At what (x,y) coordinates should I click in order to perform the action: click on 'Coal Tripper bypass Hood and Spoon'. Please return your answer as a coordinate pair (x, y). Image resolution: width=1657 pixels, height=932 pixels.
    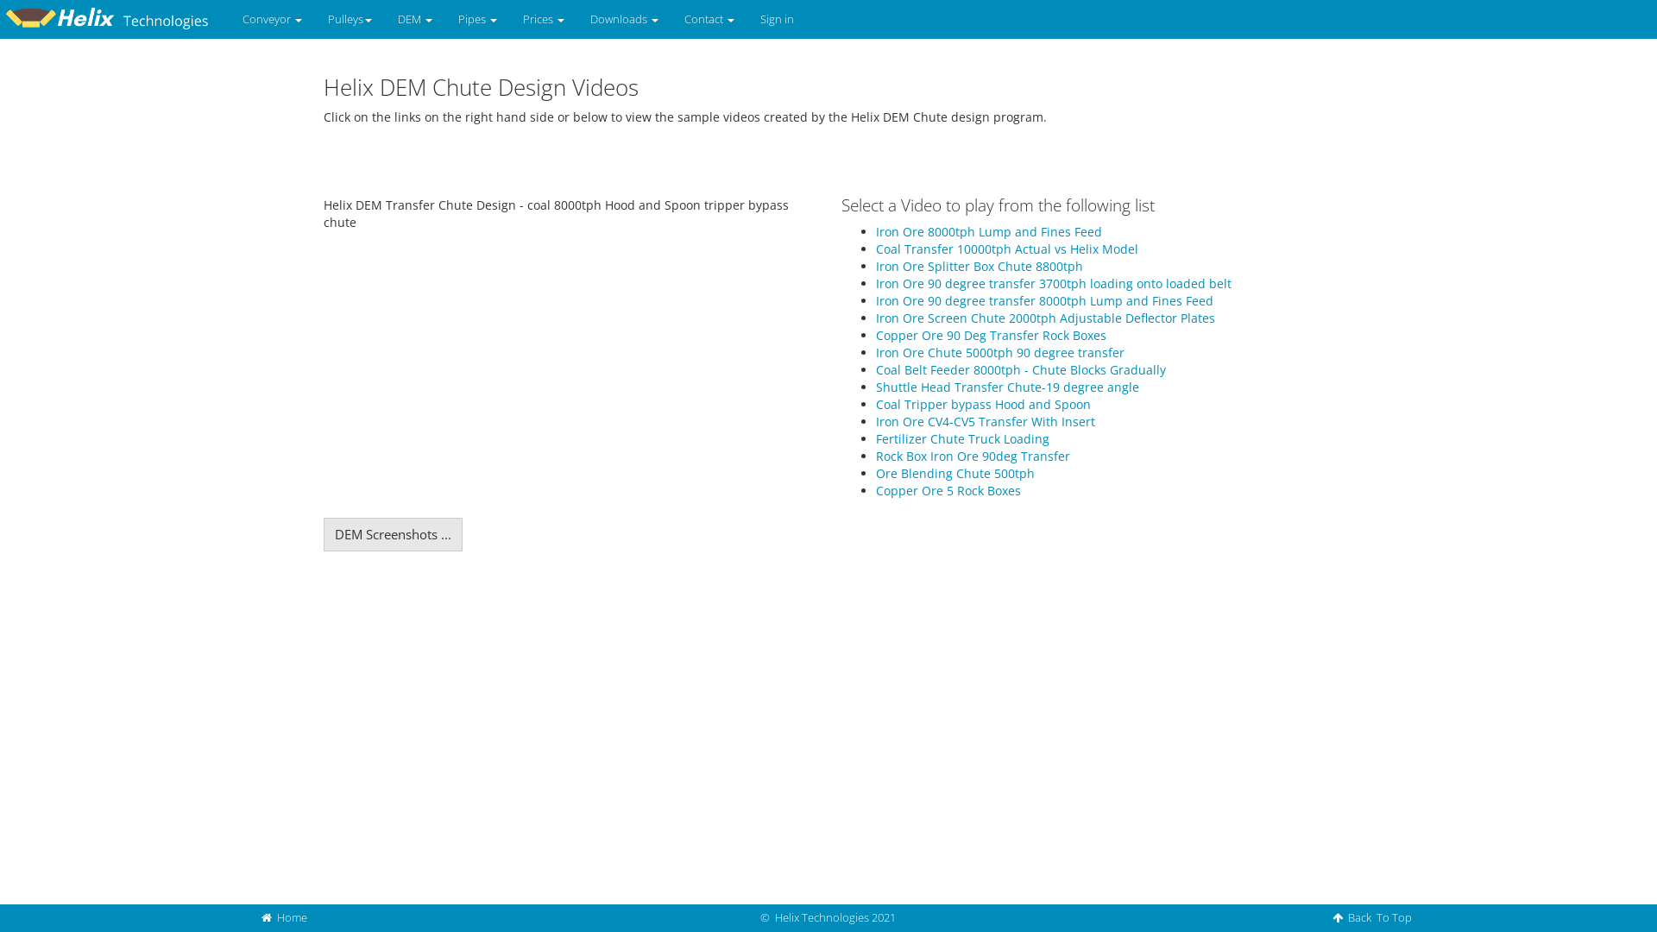
    Looking at the image, I should click on (983, 404).